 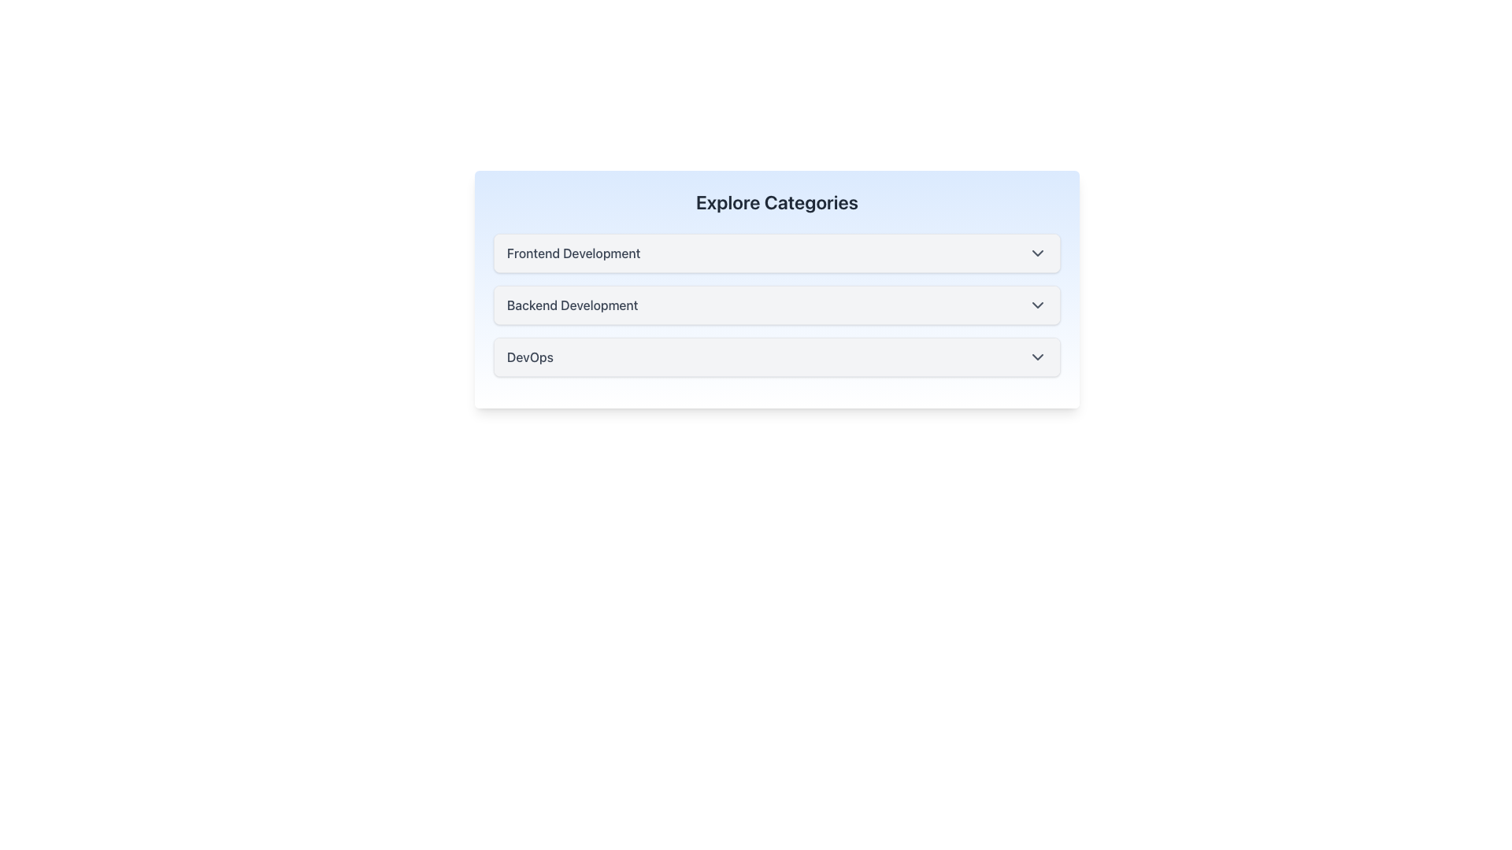 What do you see at coordinates (777, 289) in the screenshot?
I see `the second item in the vertical list under the title 'Explore Categories', which is the Dropdown trigger for 'Backend Development'` at bounding box center [777, 289].